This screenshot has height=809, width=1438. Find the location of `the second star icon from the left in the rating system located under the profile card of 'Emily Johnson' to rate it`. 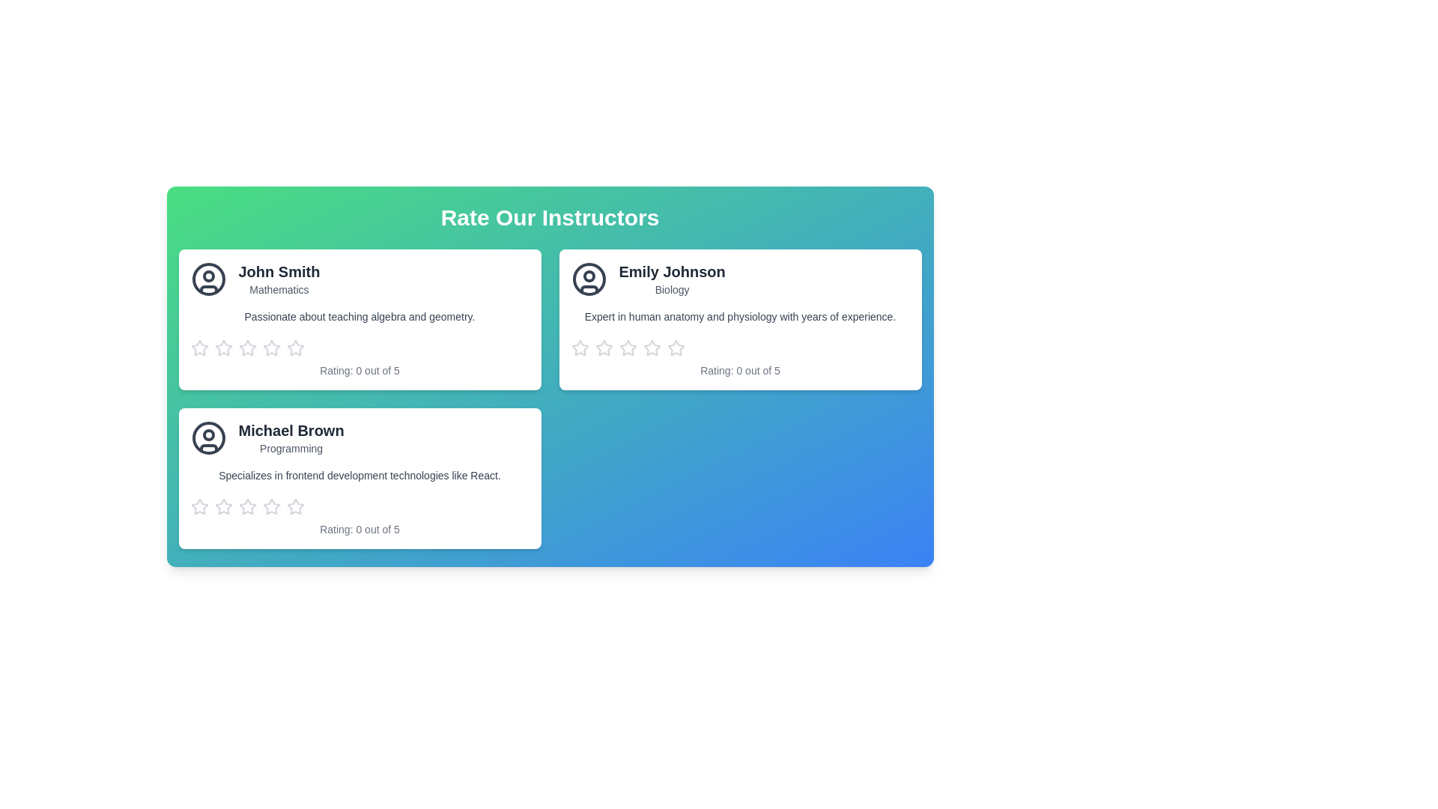

the second star icon from the left in the rating system located under the profile card of 'Emily Johnson' to rate it is located at coordinates (628, 348).